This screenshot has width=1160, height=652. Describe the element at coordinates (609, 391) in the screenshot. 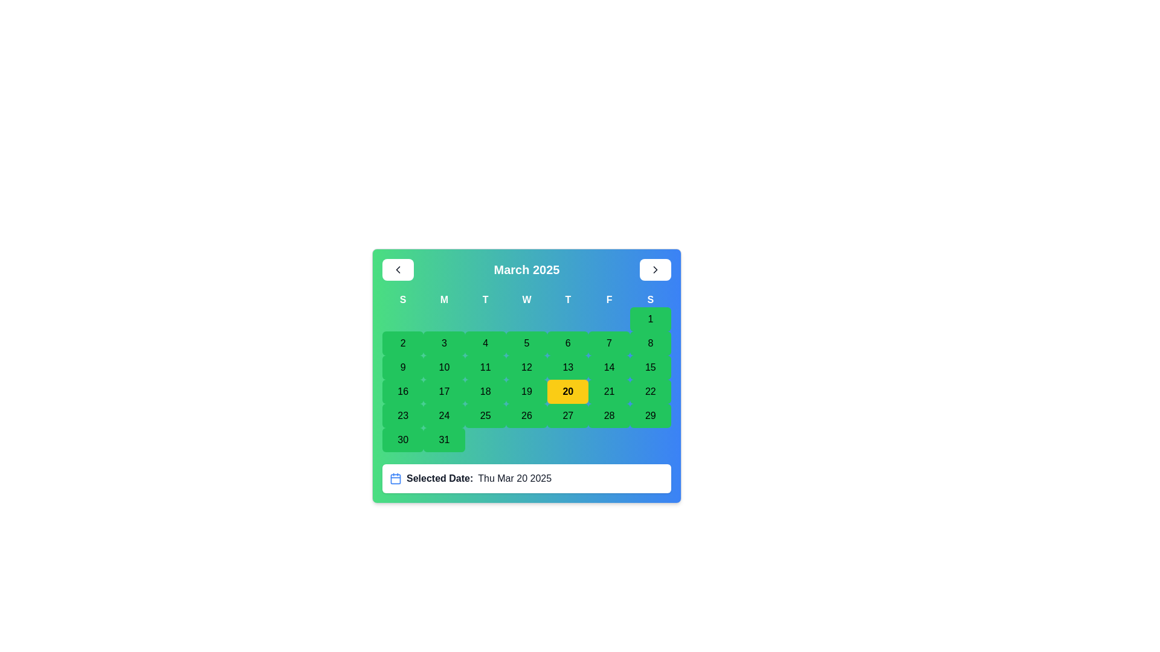

I see `the button labeled '21' with a green background in the lower-right section of the calendar grid` at that location.